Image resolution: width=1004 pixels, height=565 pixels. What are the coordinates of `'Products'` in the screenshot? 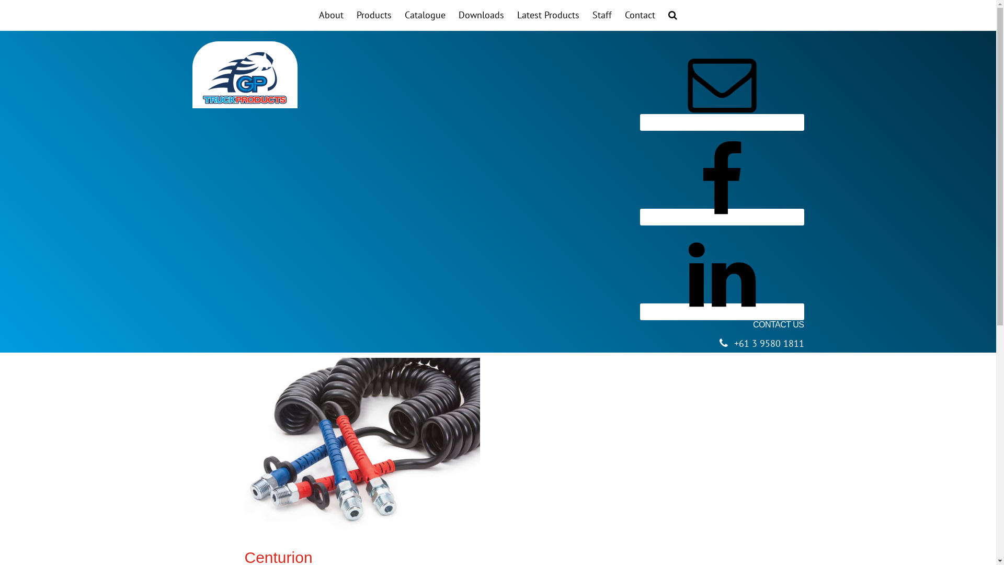 It's located at (374, 15).